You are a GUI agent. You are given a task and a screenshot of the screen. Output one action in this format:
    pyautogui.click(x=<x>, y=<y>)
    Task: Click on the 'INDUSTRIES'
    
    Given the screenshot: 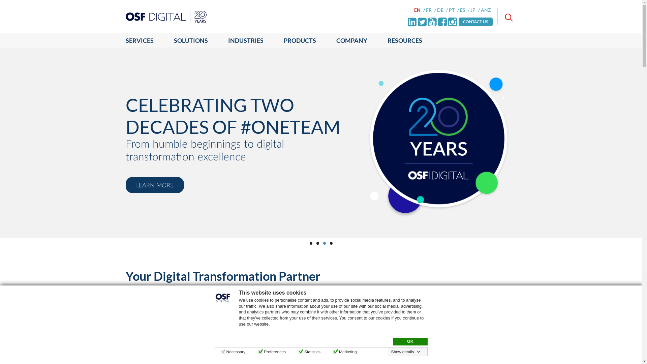 What is the action you would take?
    pyautogui.click(x=218, y=40)
    